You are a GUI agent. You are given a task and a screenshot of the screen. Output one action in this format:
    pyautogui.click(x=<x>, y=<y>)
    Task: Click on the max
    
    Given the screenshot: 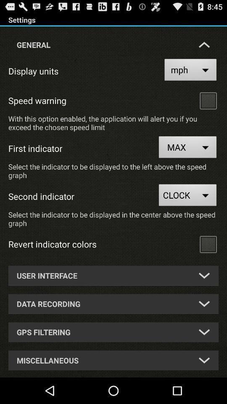 What is the action you would take?
    pyautogui.click(x=188, y=148)
    